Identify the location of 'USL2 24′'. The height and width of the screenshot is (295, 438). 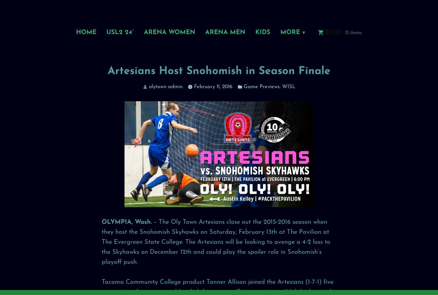
(120, 32).